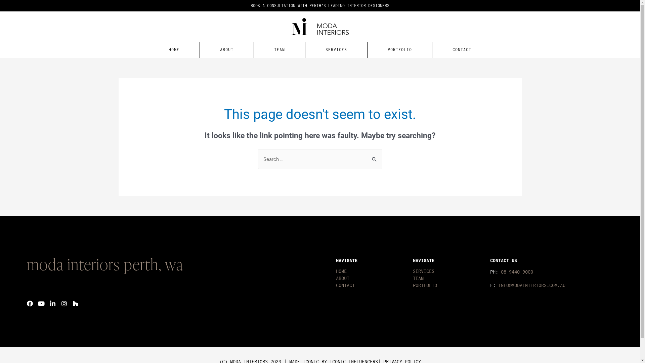 The width and height of the screenshot is (645, 363). I want to click on '08 9440 9000', so click(501, 272).